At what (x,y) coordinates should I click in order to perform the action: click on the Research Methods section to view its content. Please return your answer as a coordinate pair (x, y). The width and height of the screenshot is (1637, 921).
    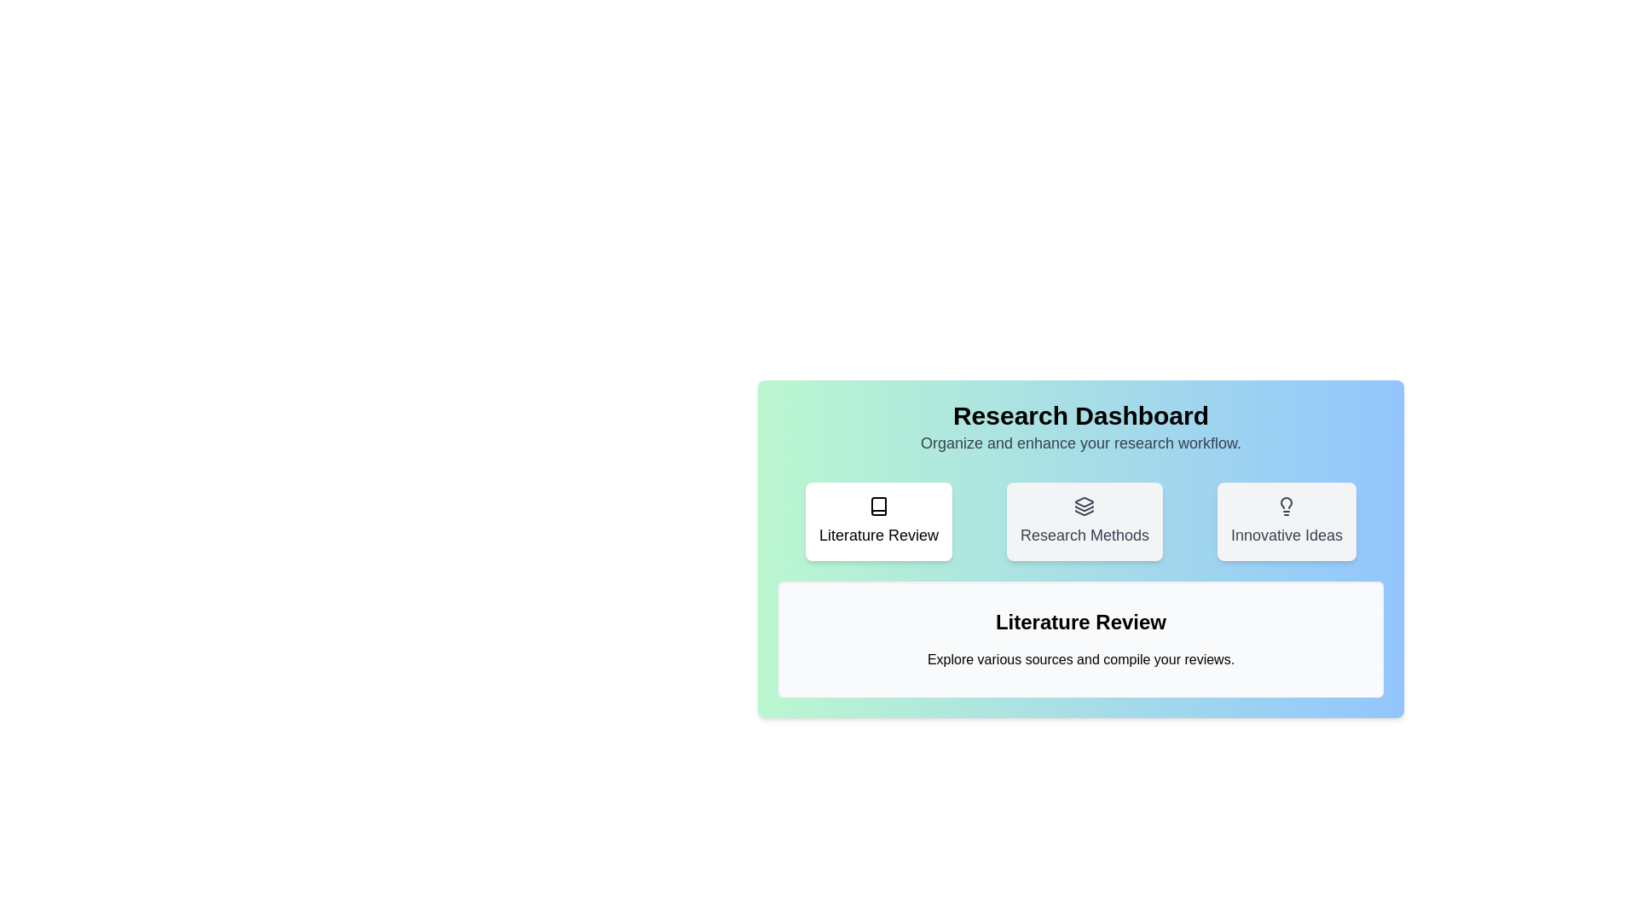
    Looking at the image, I should click on (1084, 521).